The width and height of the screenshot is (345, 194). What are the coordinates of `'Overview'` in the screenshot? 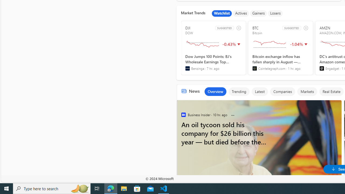 It's located at (215, 91).